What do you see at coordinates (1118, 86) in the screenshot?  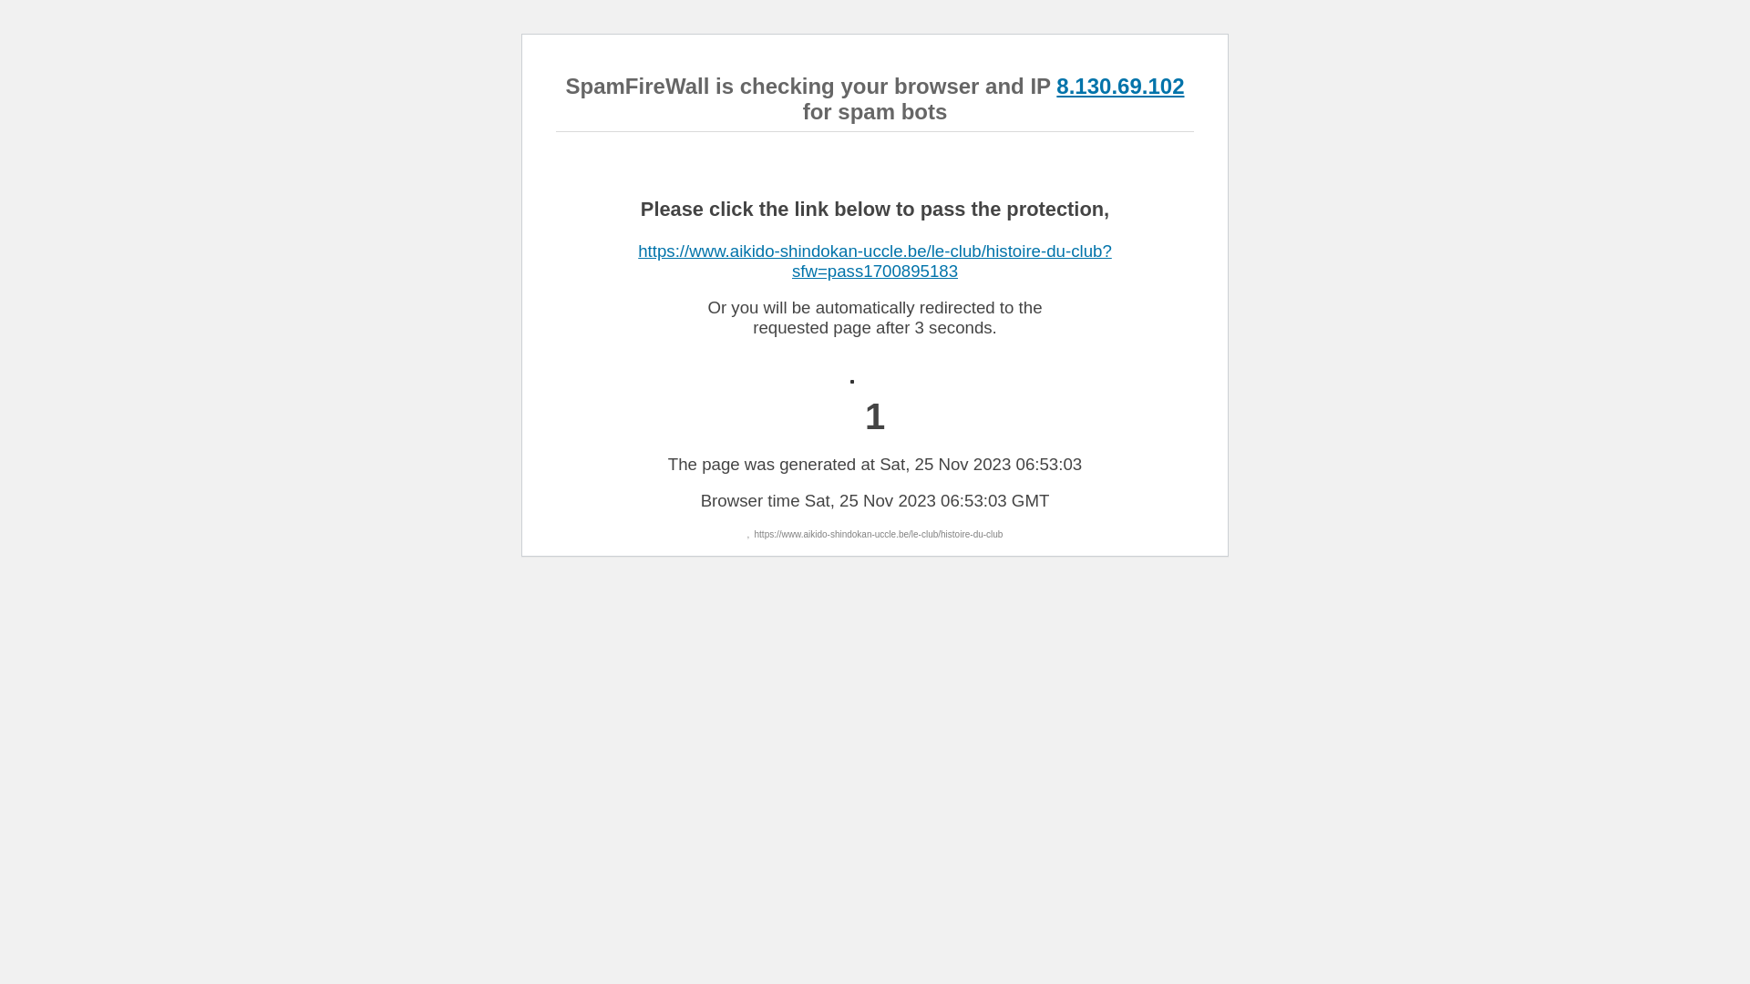 I see `'8.130.69.102'` at bounding box center [1118, 86].